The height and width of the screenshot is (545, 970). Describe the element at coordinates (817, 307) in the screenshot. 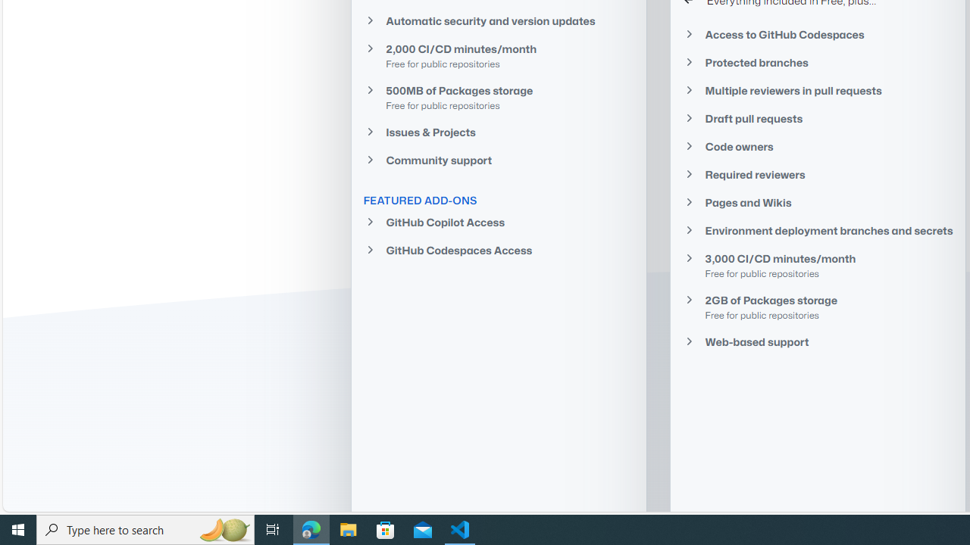

I see `'2GB of Packages storage Free for public repositories'` at that location.